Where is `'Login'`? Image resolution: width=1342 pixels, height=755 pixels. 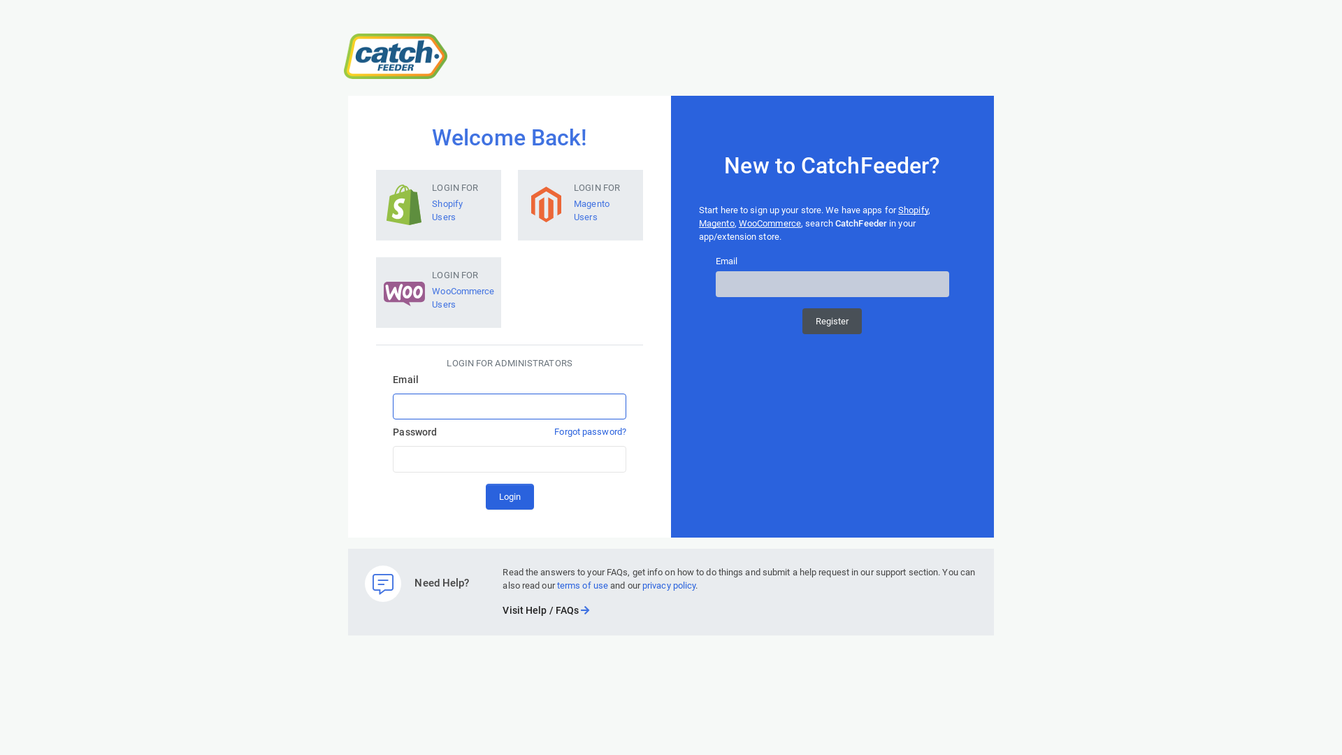
'Login' is located at coordinates (509, 496).